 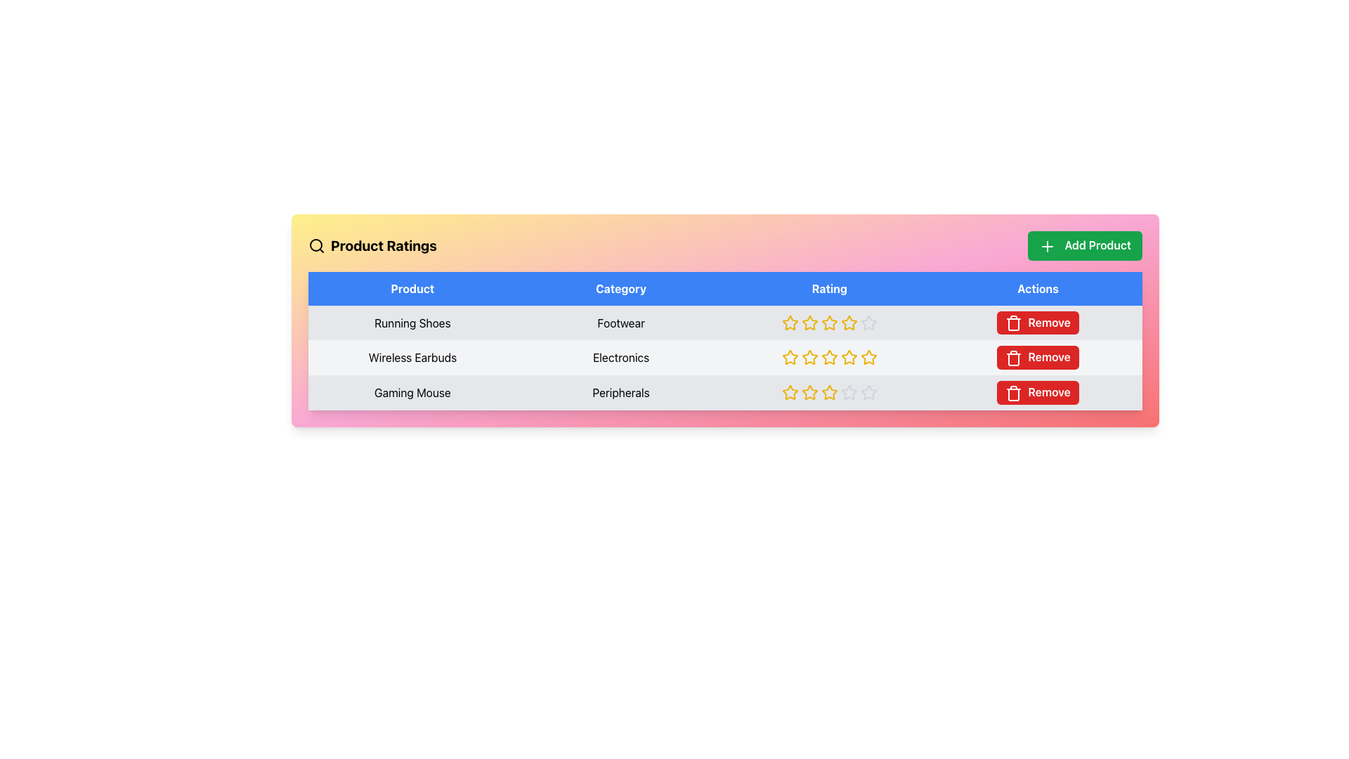 I want to click on the star icons in the rating display for the 'Gaming Mouse' product, so click(x=829, y=393).